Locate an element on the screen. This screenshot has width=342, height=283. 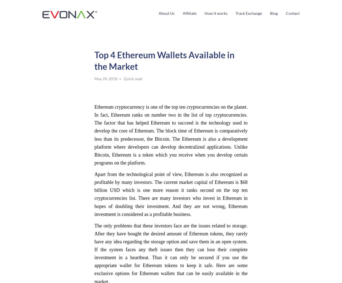
'Ethereum cryptocurrency is one of the top ten cryptocurrencies on the planet. In fact, Ethereum ranks on number two in the list of top cryptocurrencies. The factor that has helped Ethereum to succeed is the technology used to develop the core of Ethereum. The block time of Ethereum is comparatively less than its predecessor, the Bitcoin. The Ethereum is also a development platform where developers can develop decentralized applications. Unlike Bitcoin, Ethereum is a token which you receive when you develop certain programs on the platform.' is located at coordinates (171, 134).